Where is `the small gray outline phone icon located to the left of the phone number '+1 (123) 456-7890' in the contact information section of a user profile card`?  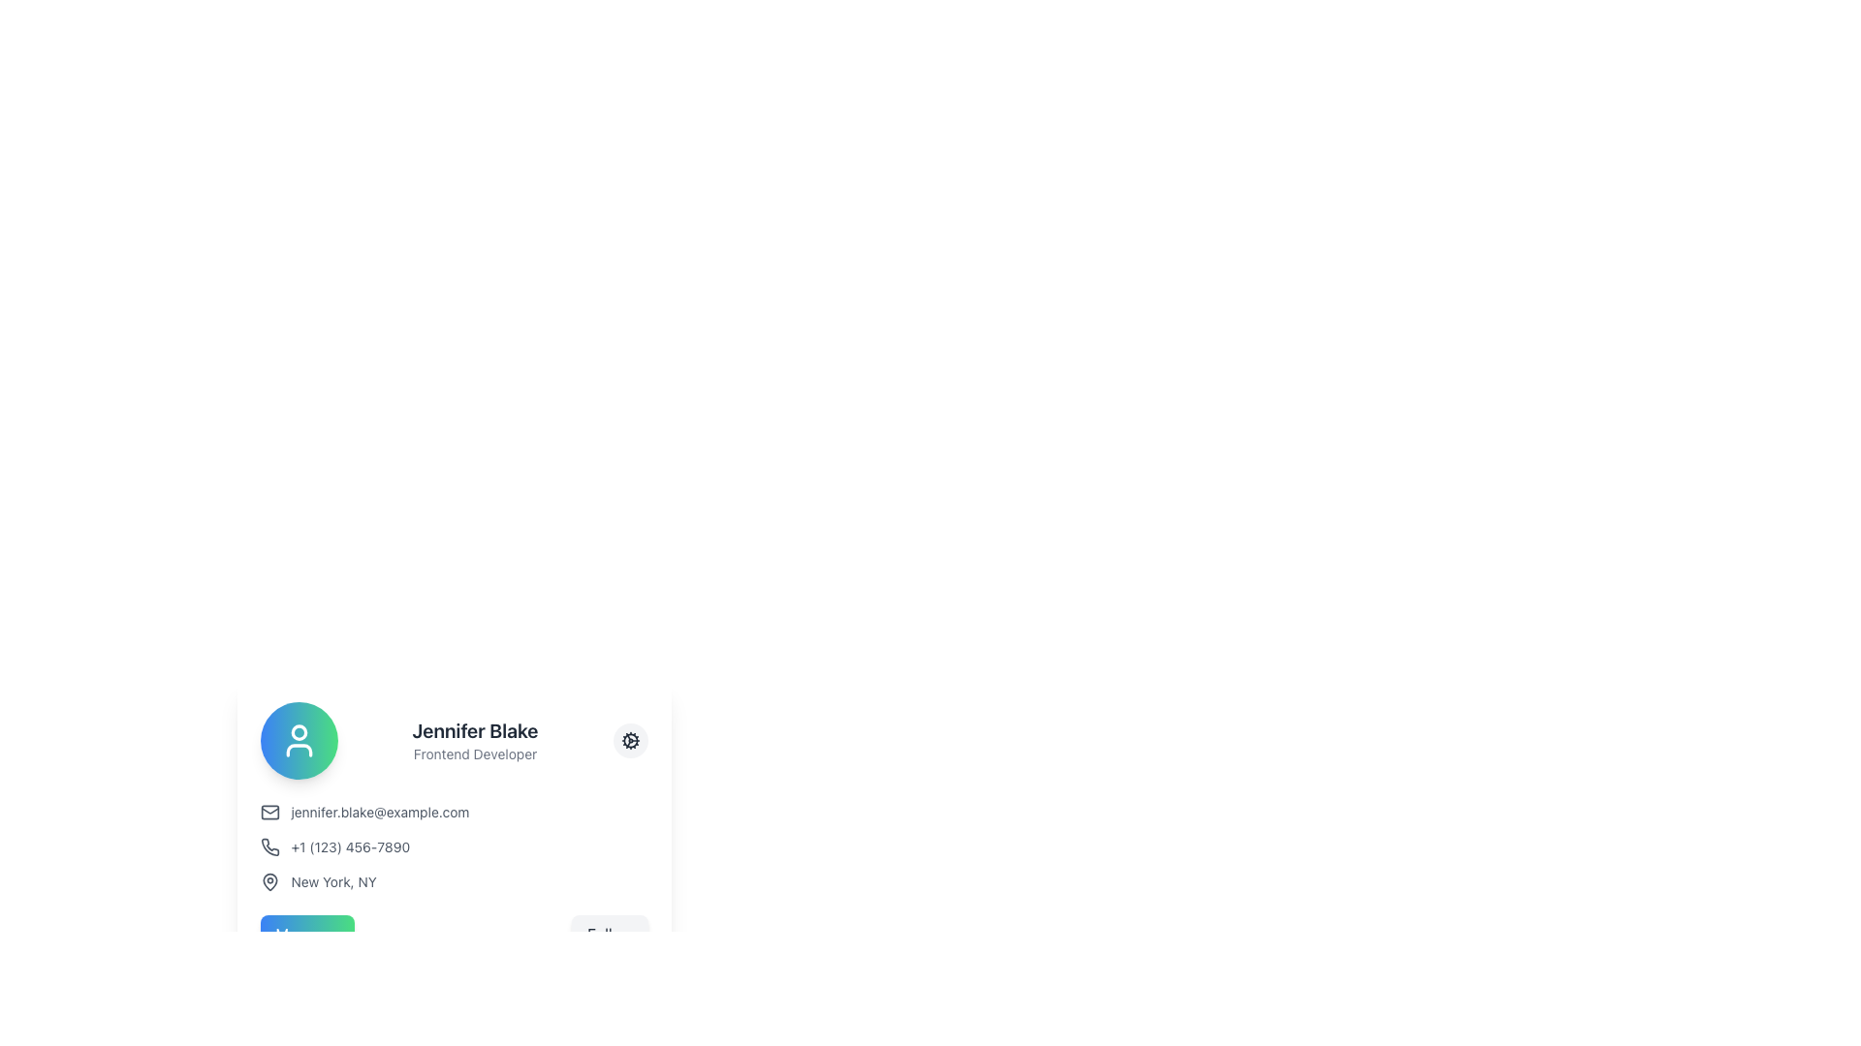 the small gray outline phone icon located to the left of the phone number '+1 (123) 456-7890' in the contact information section of a user profile card is located at coordinates (268, 846).